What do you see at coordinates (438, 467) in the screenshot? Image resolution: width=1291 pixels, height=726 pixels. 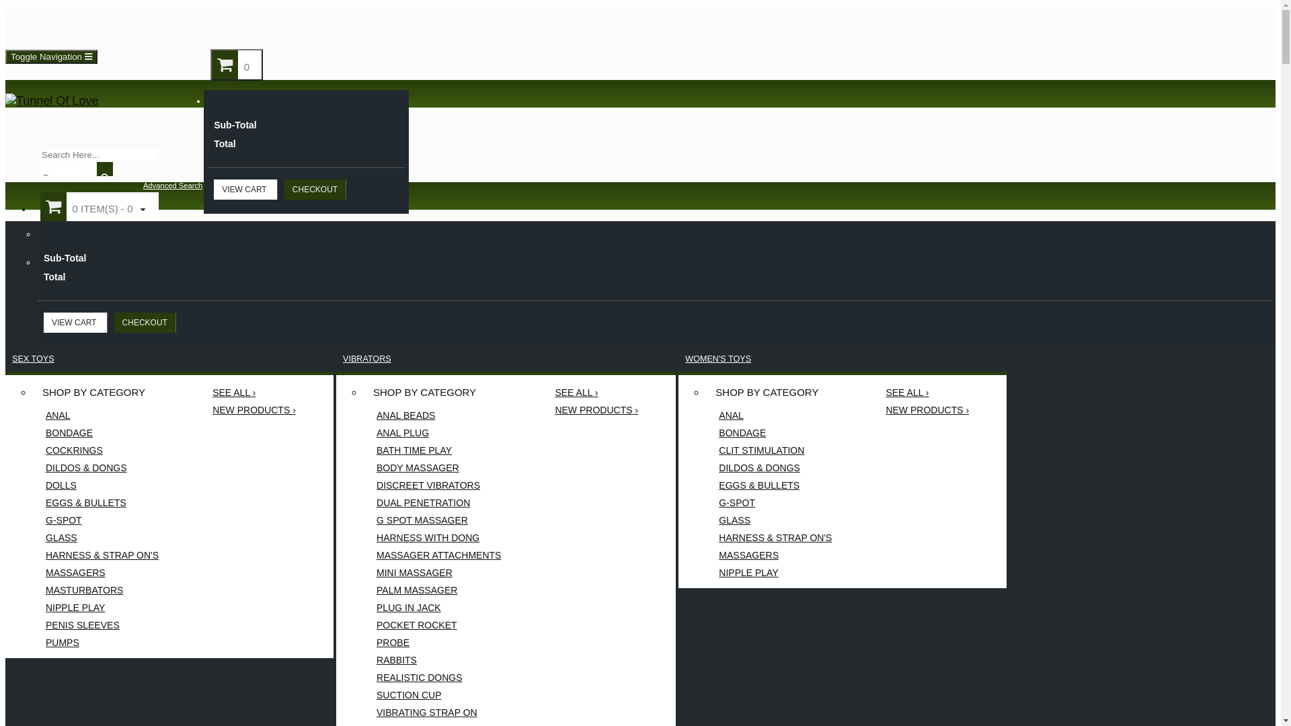 I see `'BODY MASSAGER'` at bounding box center [438, 467].